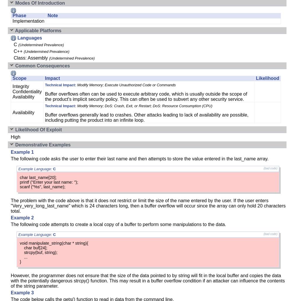 The image size is (297, 301). Describe the element at coordinates (19, 15) in the screenshot. I see `'Phase'` at that location.